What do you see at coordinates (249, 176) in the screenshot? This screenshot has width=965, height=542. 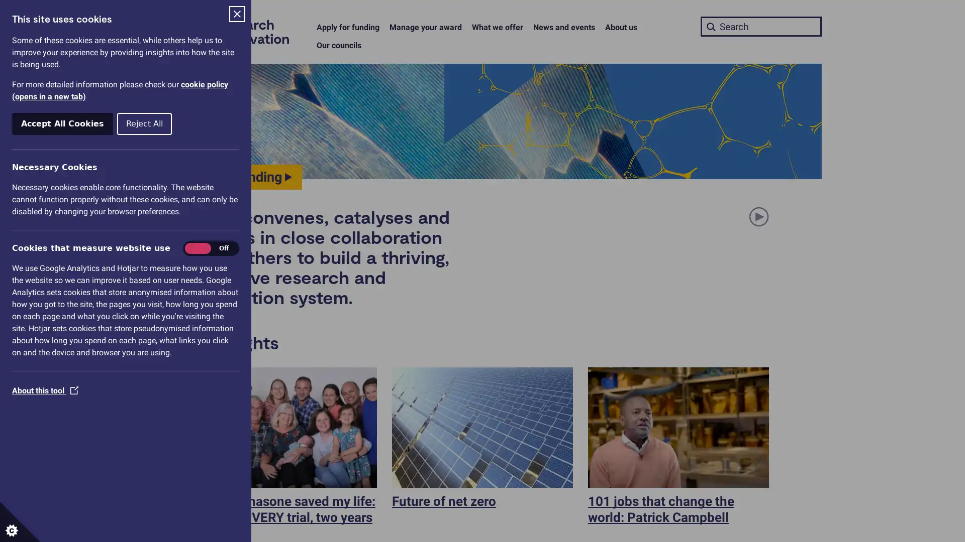 I see `Find funding` at bounding box center [249, 176].